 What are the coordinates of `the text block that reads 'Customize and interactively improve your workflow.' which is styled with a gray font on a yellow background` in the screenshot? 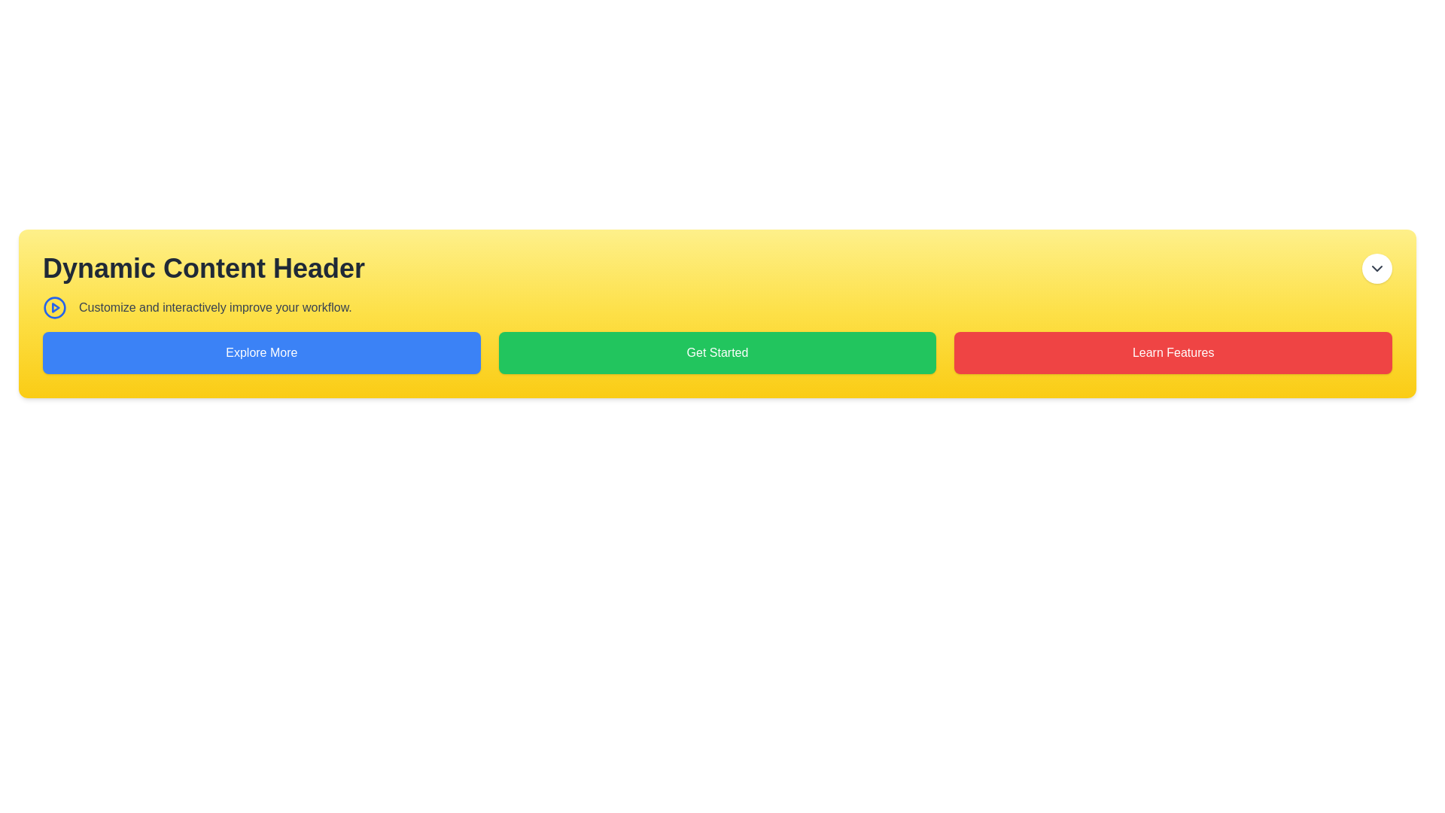 It's located at (214, 306).